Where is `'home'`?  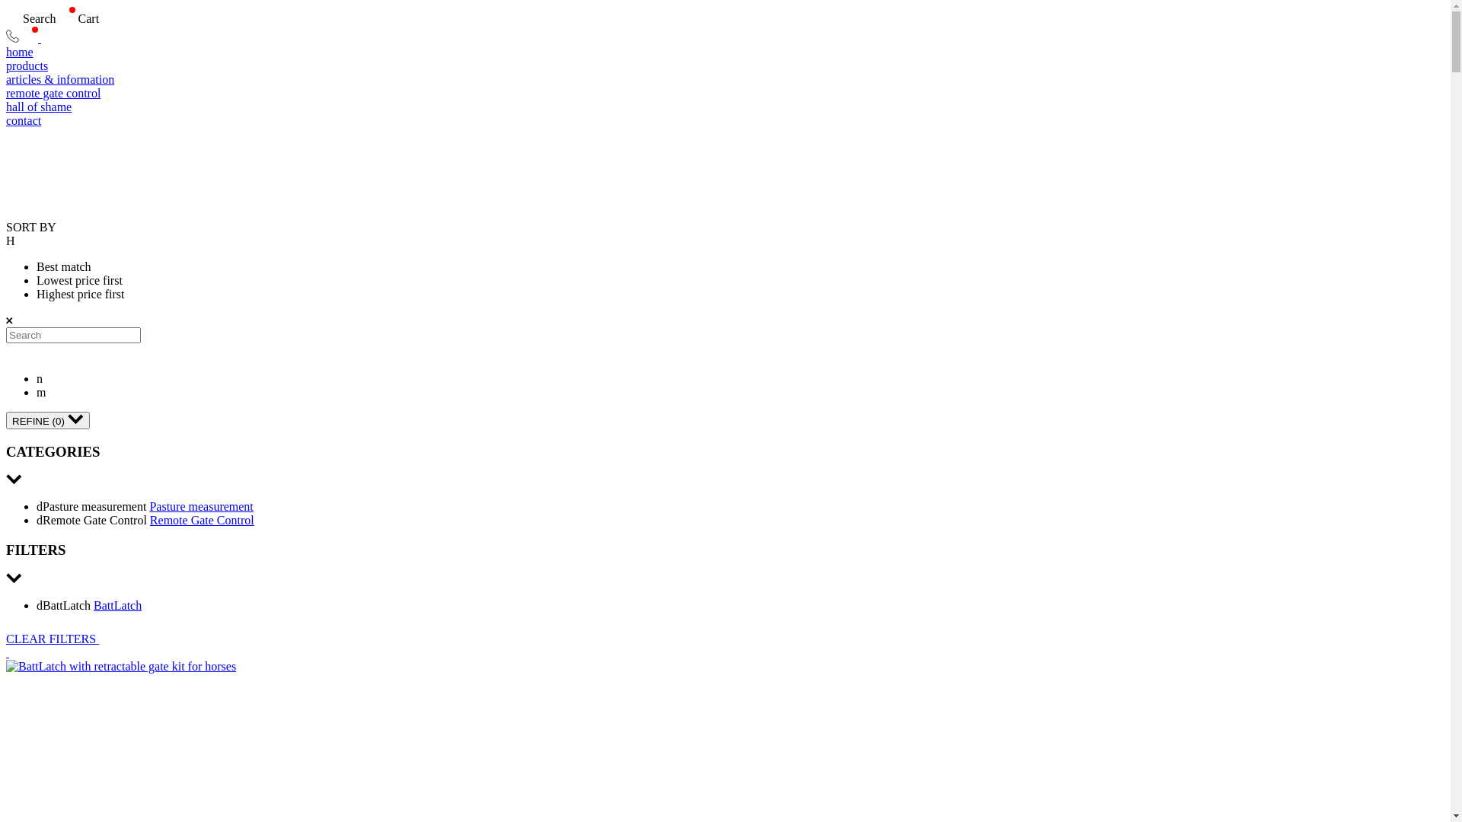 'home' is located at coordinates (724, 52).